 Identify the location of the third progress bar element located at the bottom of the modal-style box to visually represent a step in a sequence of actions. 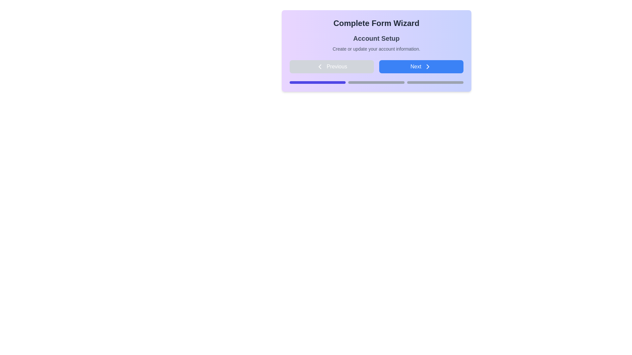
(435, 82).